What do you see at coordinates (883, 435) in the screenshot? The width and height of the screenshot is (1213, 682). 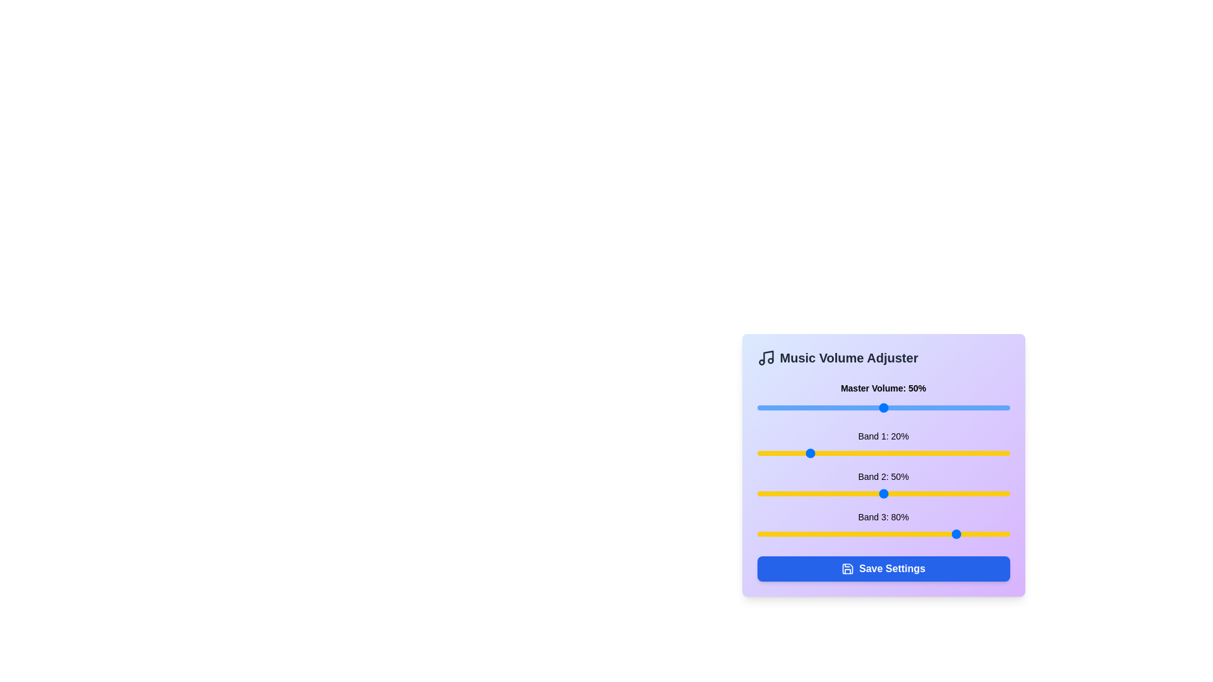 I see `text from the static label displaying 'Band 1: 20%' which is styled with medium font size and bold text weight, centered against a purple background, located above a yellow slider bar` at bounding box center [883, 435].